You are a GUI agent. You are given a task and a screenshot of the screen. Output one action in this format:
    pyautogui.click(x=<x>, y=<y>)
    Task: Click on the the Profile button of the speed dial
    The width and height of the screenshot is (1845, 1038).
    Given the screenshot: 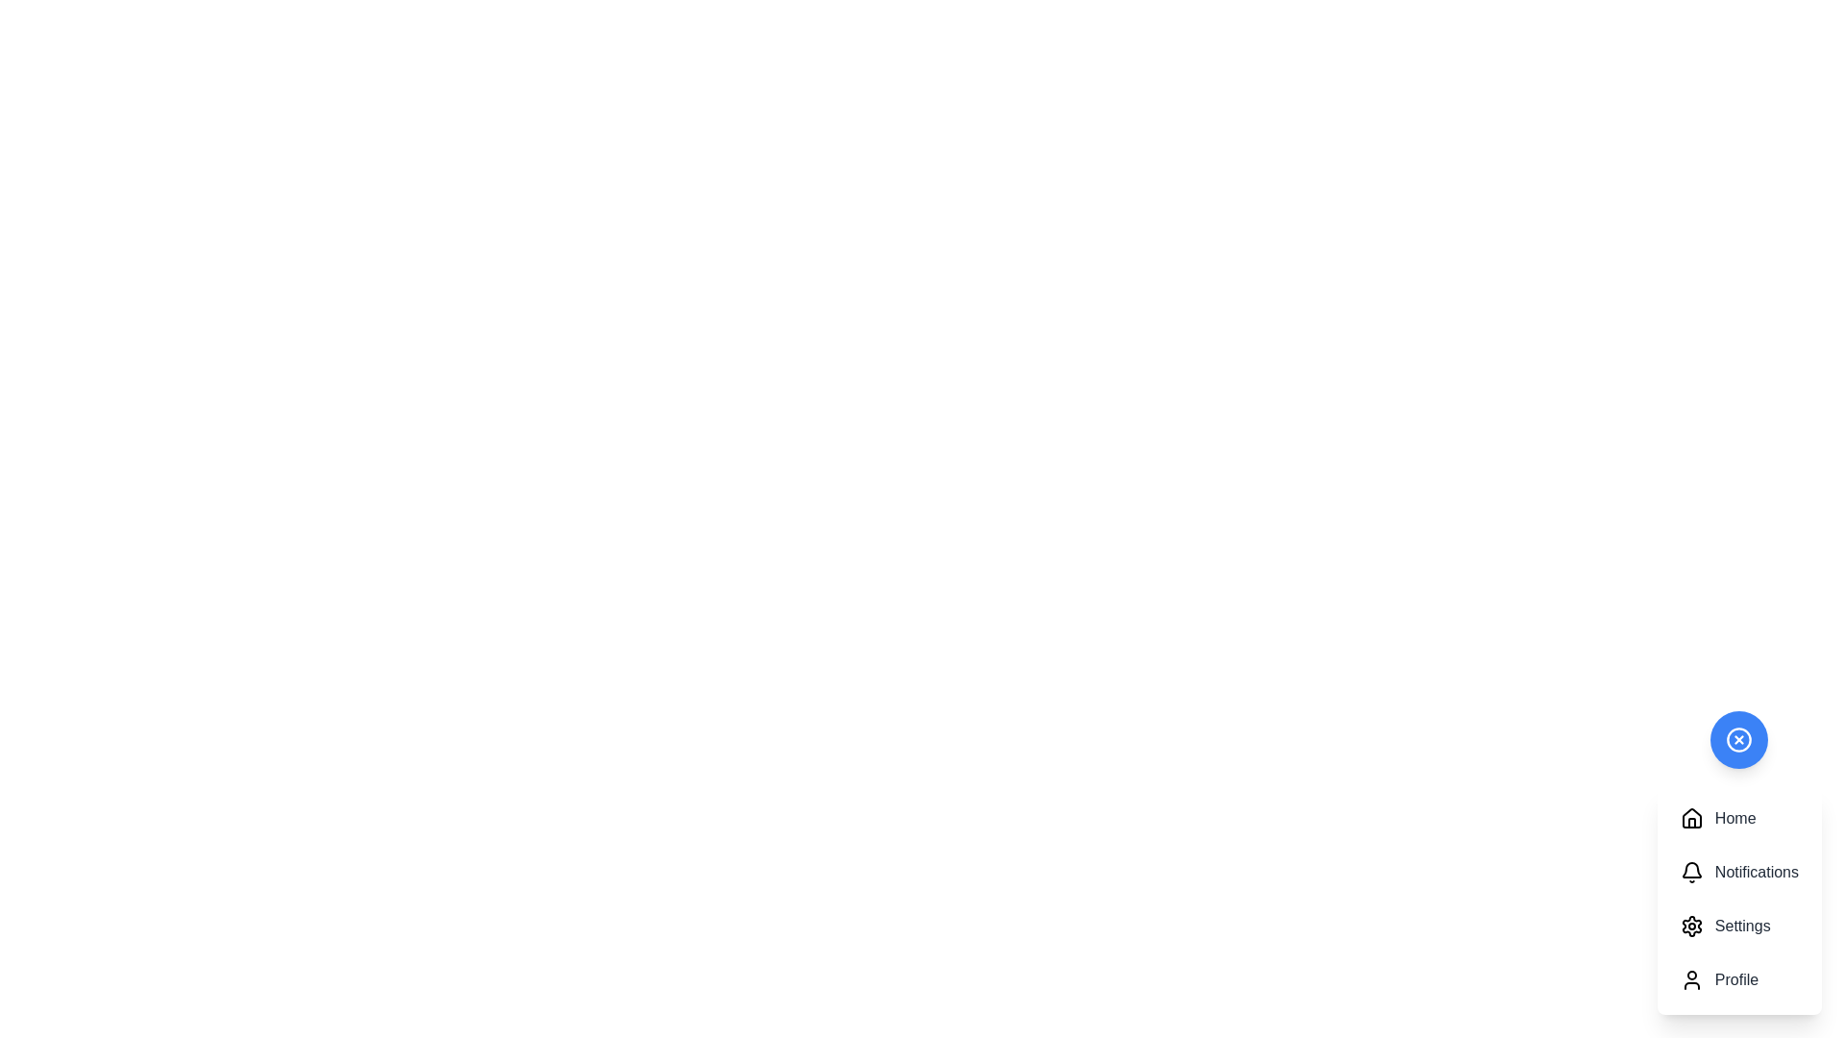 What is the action you would take?
    pyautogui.click(x=1738, y=979)
    